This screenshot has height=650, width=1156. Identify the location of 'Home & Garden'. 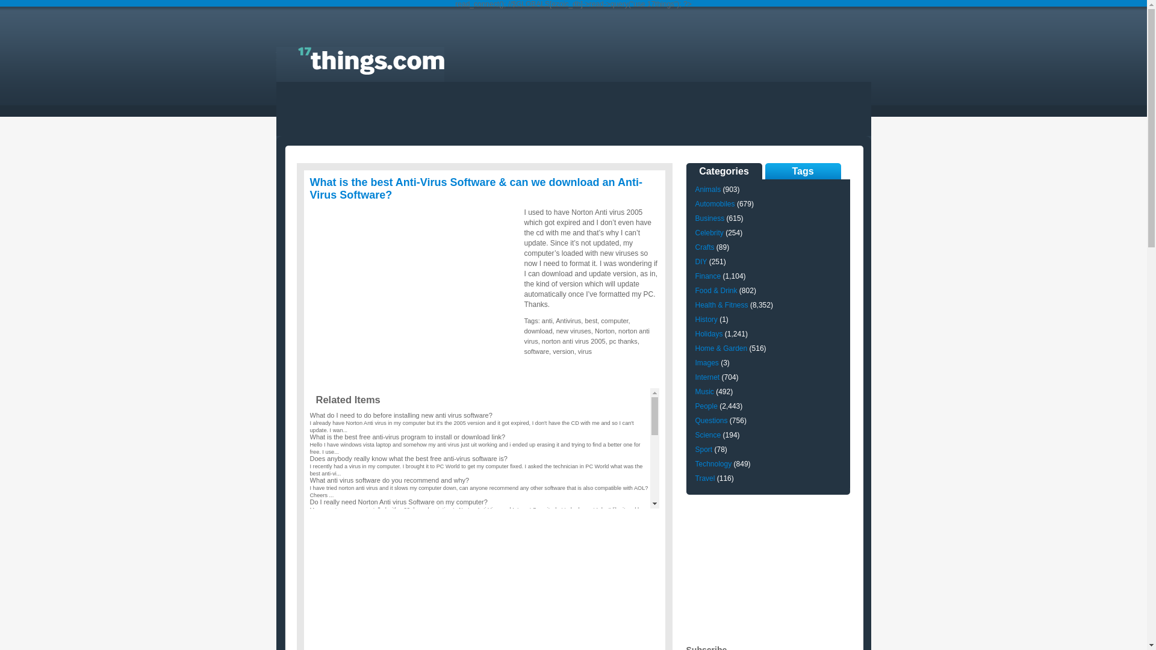
(721, 348).